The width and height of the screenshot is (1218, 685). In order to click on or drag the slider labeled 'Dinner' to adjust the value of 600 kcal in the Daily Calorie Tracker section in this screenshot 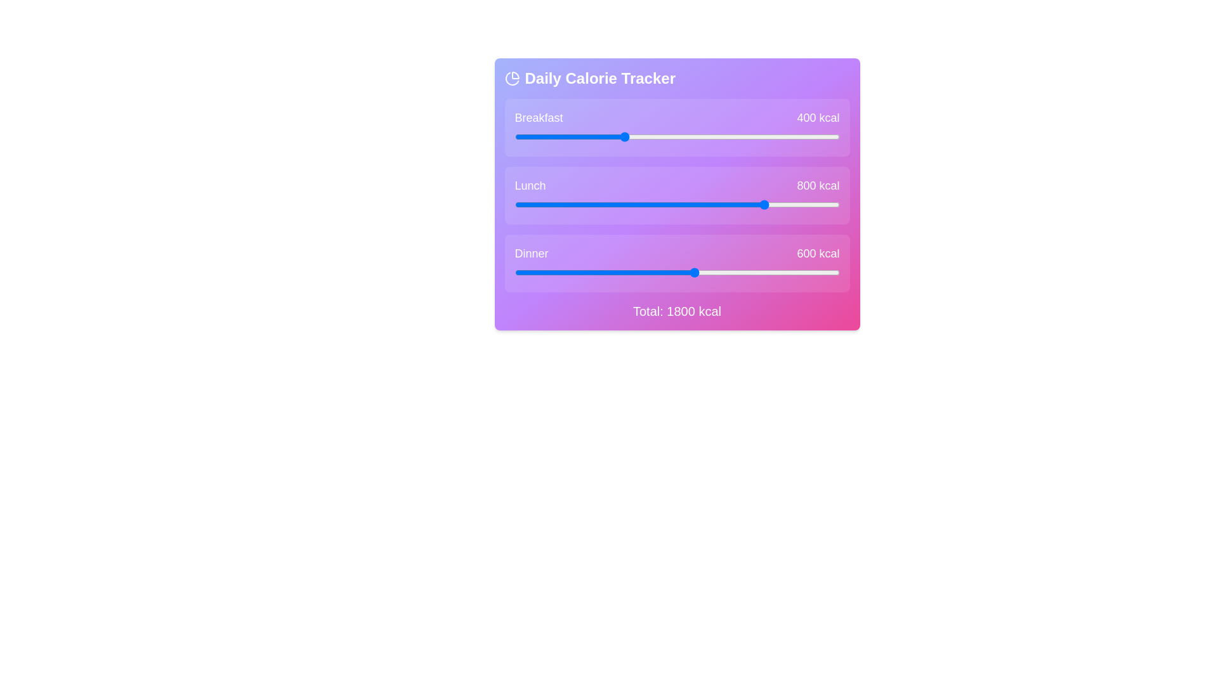, I will do `click(676, 263)`.